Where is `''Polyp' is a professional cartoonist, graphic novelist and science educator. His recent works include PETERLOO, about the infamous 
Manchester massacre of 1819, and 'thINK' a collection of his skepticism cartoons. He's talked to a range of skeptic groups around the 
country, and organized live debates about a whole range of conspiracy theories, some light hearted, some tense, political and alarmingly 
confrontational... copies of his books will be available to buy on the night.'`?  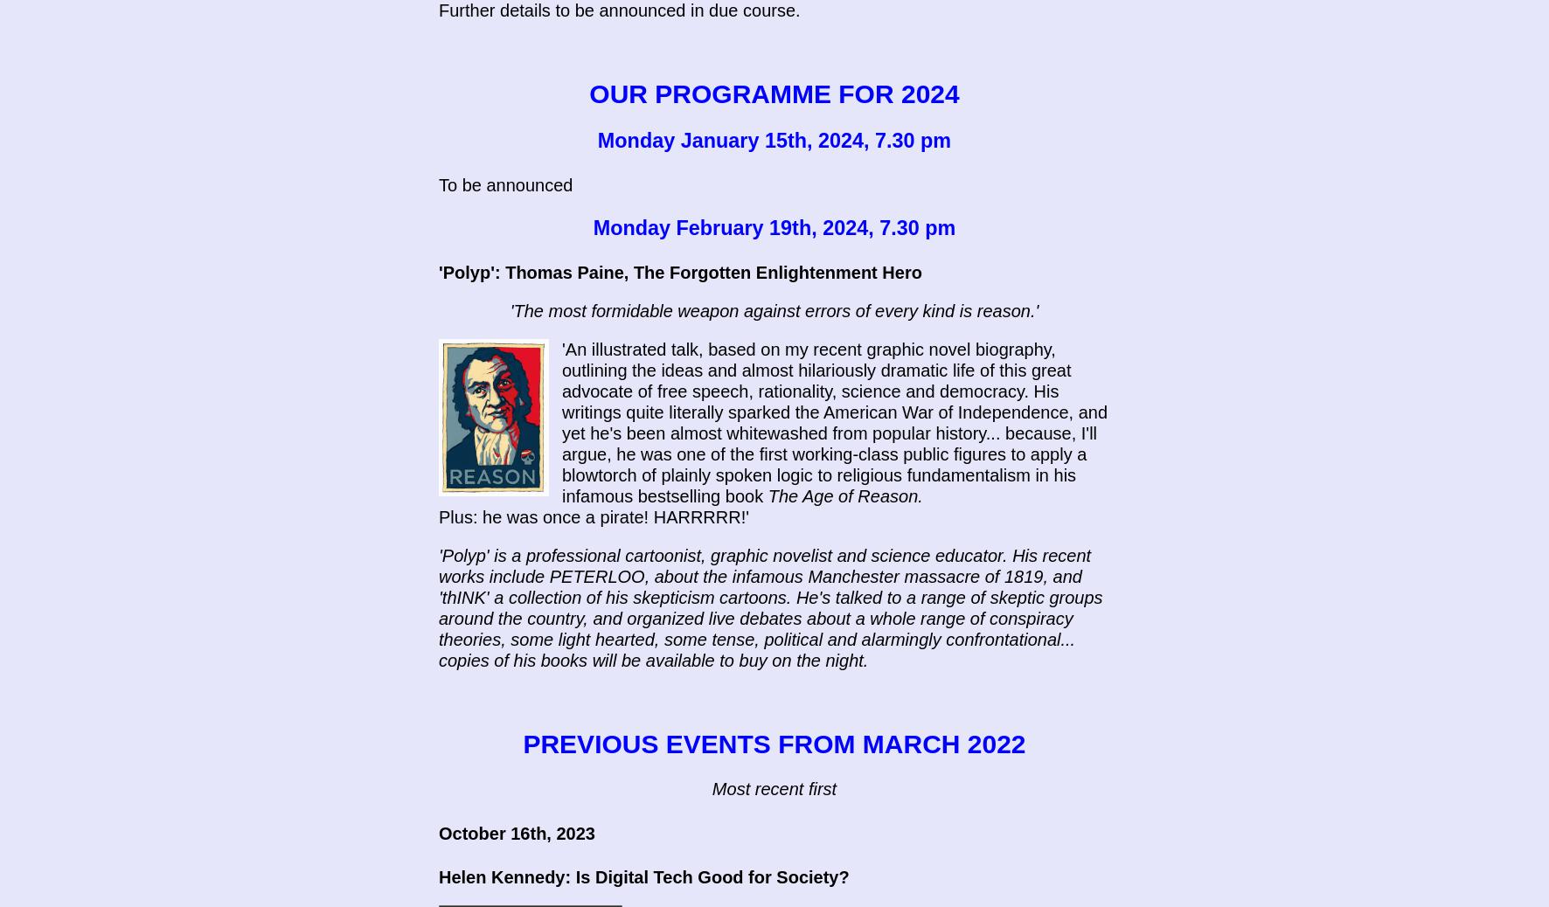
''Polyp' is a professional cartoonist, graphic novelist and science educator. His recent works include PETERLOO, about the infamous 
Manchester massacre of 1819, and 'thINK' a collection of his skepticism cartoons. He's talked to a range of skeptic groups around the 
country, and organized live debates about a whole range of conspiracy theories, some light hearted, some tense, political and alarmingly 
confrontational... copies of his books will be available to buy on the night.' is located at coordinates (770, 606).